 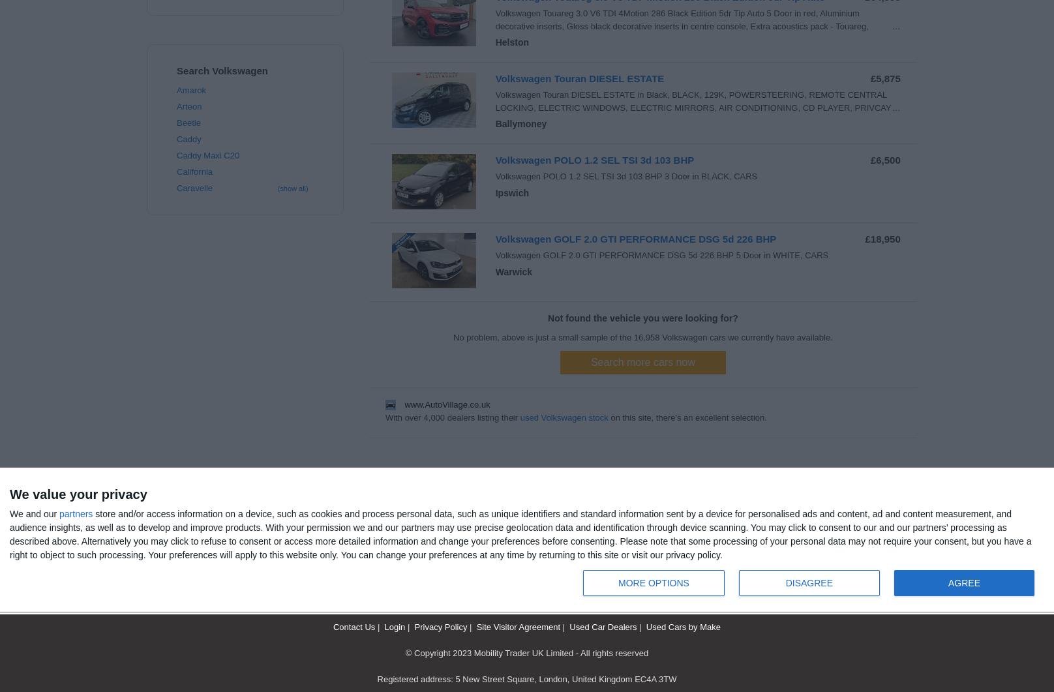 What do you see at coordinates (625, 175) in the screenshot?
I see `'Volkswagen POLO 1.2 SEL TSI 3d 103 BHP 3 Door in BLACK, CARS'` at bounding box center [625, 175].